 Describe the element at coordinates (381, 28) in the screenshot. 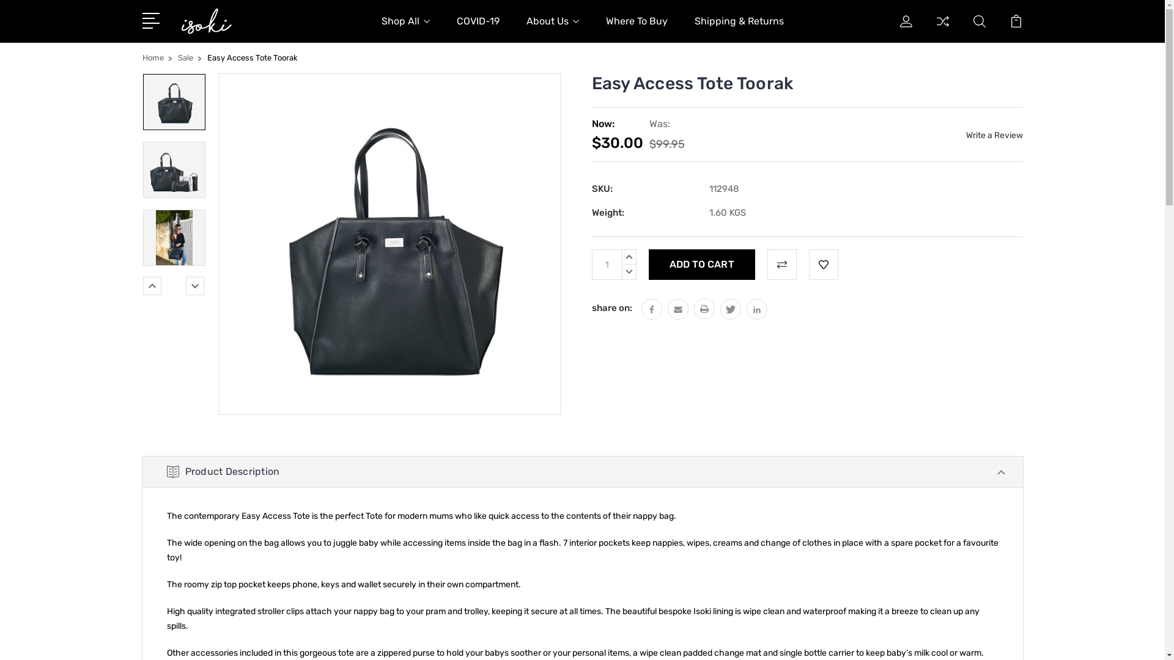

I see `'Shop All'` at that location.